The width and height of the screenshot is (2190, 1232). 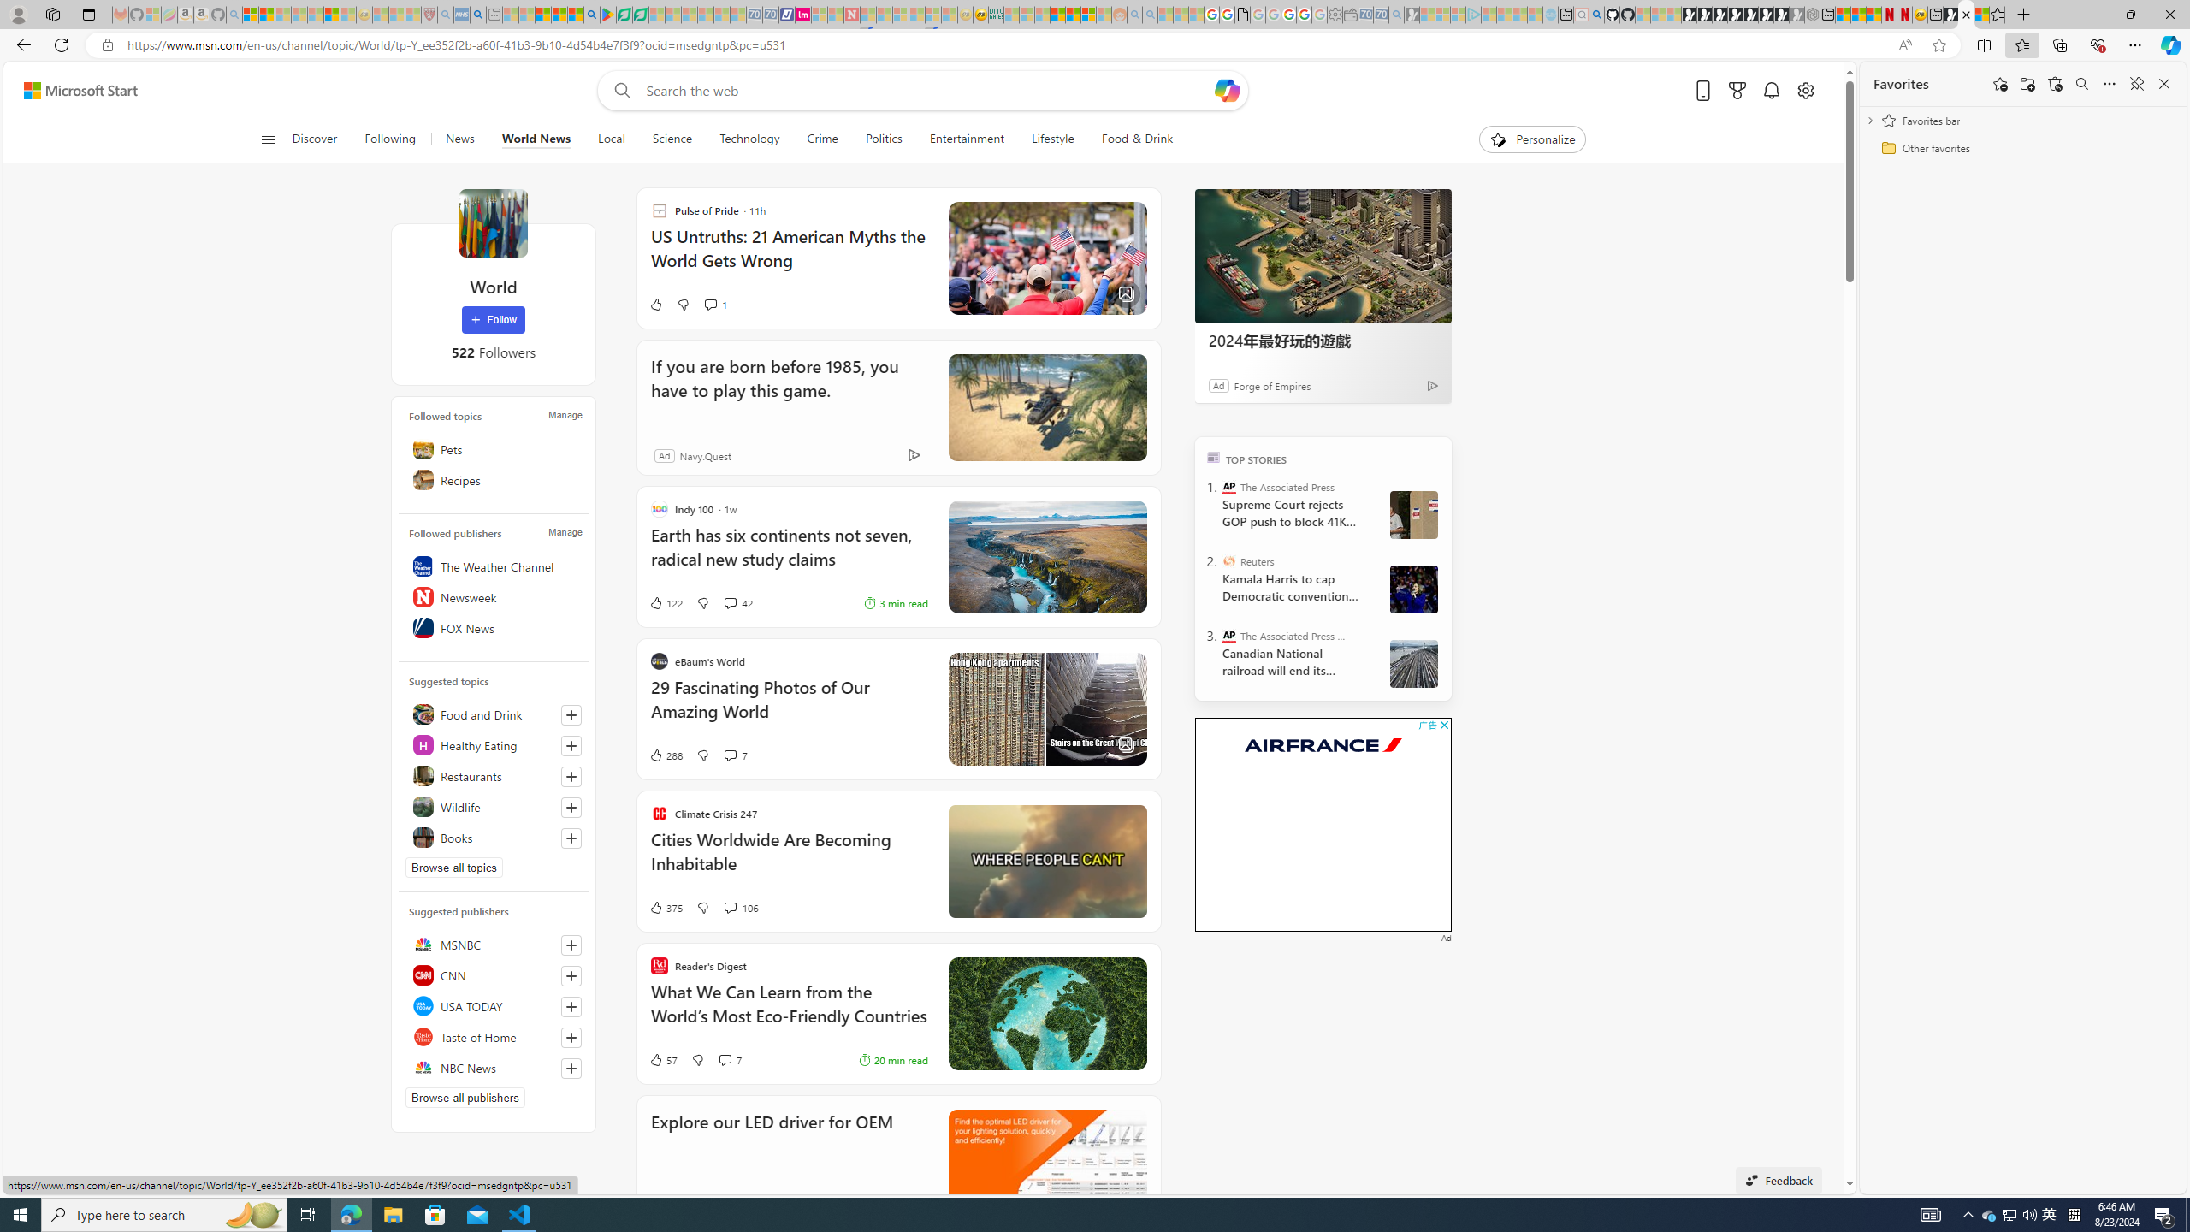 What do you see at coordinates (74, 89) in the screenshot?
I see `'Skip to content'` at bounding box center [74, 89].